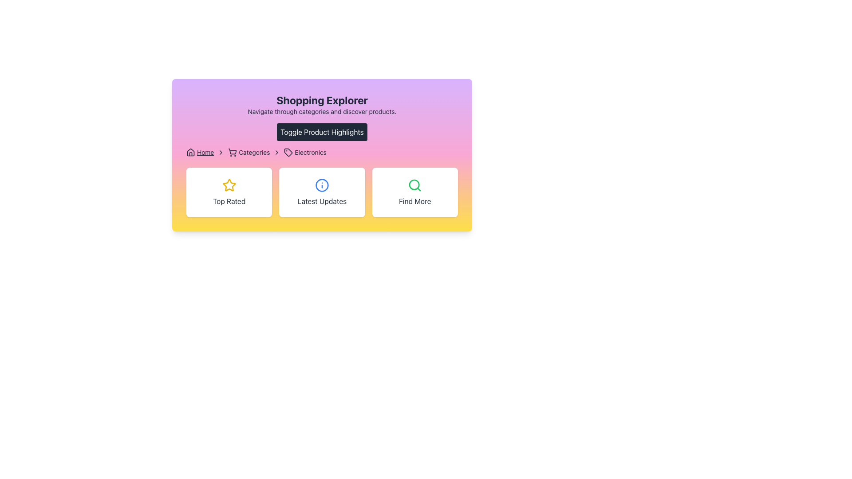 The image size is (852, 479). What do you see at coordinates (229, 185) in the screenshot?
I see `the star-shaped icon with a yellow outline, located at the center of the 'Top Rated' card in the second row, slightly above the text 'Top Rated'` at bounding box center [229, 185].